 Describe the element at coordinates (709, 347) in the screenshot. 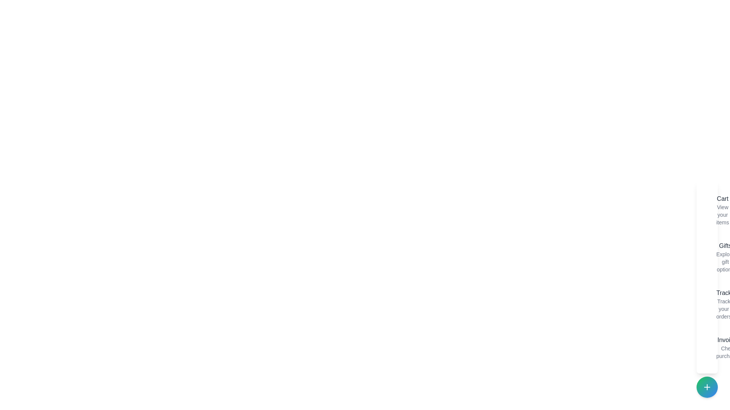

I see `the option Invoices from the menu` at that location.